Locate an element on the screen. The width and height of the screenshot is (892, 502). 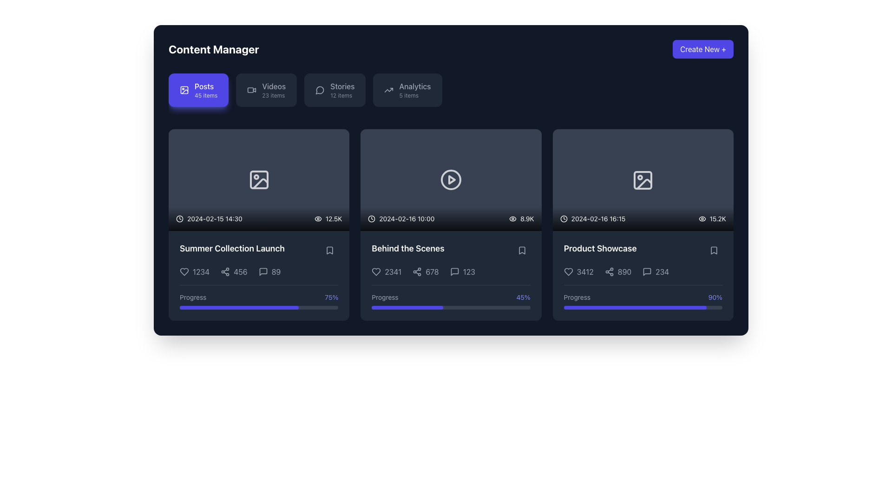
the 'Videos' icon within the 'Videos 23 items' button, which is the second icon from the left in the horizontal row is located at coordinates (252, 90).